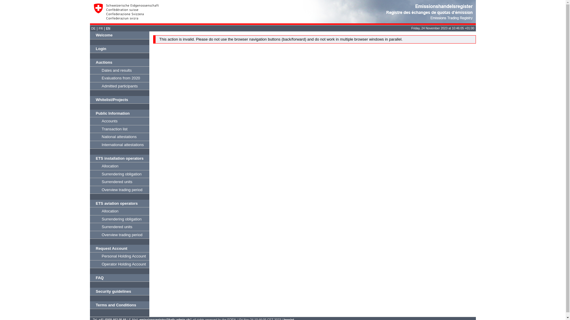 This screenshot has width=570, height=320. Describe the element at coordinates (119, 86) in the screenshot. I see `'Admitted participants'` at that location.